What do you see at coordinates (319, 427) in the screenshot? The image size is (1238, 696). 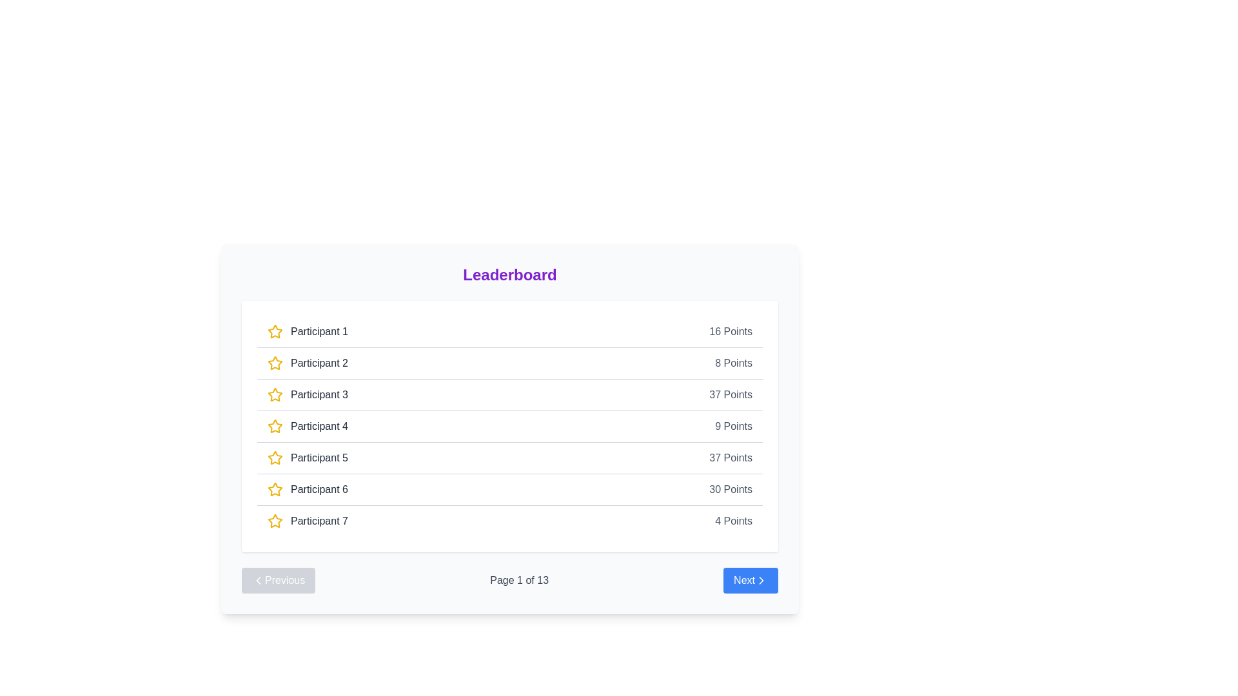 I see `the text label displaying 'Participant 4', which is located in the fourth row of the leaderboard list and positioned to the right of a yellow star icon` at bounding box center [319, 427].